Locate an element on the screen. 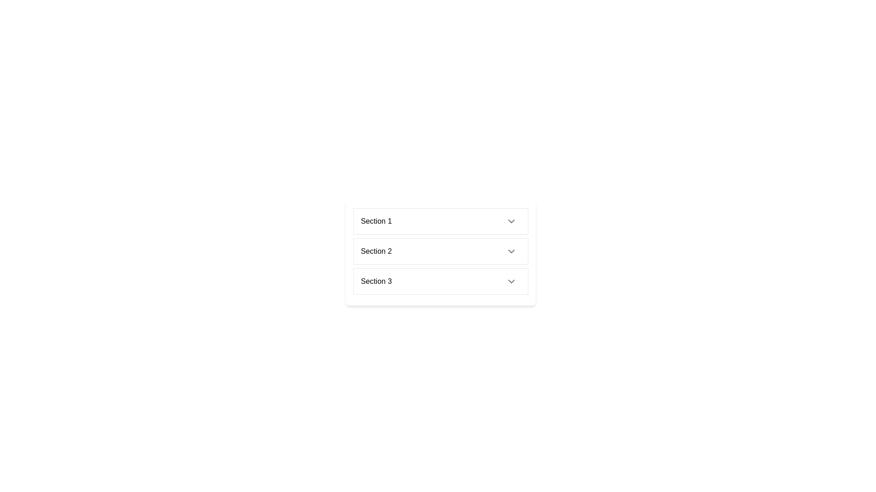 The height and width of the screenshot is (492, 876). the Chevron Down icon/button located to the right of the 'Section 1' label is located at coordinates (511, 221).